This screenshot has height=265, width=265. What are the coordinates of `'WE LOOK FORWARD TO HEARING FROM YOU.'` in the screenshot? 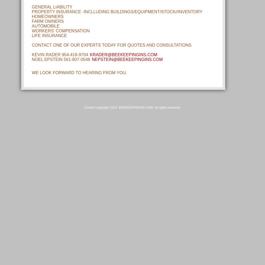 It's located at (79, 73).